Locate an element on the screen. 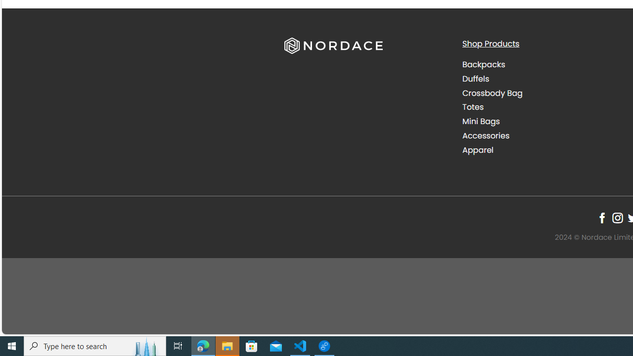 The image size is (633, 356). 'Apparel' is located at coordinates (543, 150).